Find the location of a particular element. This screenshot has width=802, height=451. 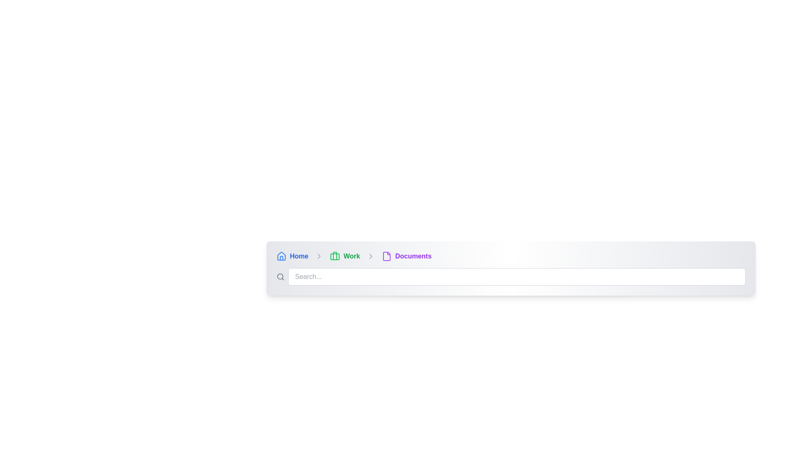

the hyperlink in the breadcrumb navigation bar that is the second item, labeled 'Work', to trigger a visual state change is located at coordinates (352, 256).